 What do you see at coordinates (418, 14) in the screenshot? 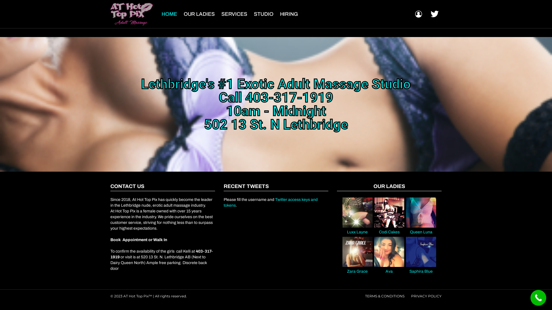
I see `'LOGIN'` at bounding box center [418, 14].